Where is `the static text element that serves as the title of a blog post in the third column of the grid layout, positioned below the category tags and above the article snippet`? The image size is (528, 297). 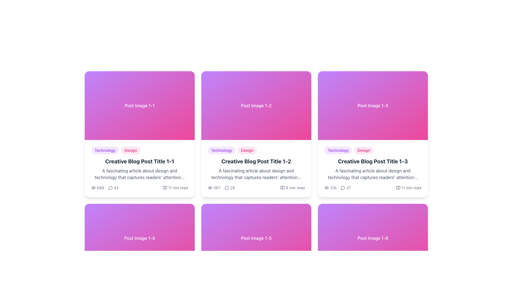 the static text element that serves as the title of a blog post in the third column of the grid layout, positioned below the category tags and above the article snippet is located at coordinates (373, 161).